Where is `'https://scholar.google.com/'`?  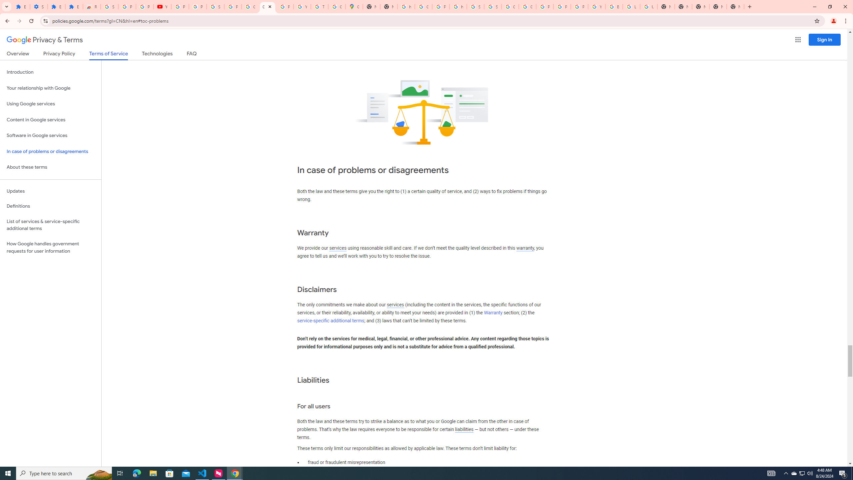 'https://scholar.google.com/' is located at coordinates (457, 6).